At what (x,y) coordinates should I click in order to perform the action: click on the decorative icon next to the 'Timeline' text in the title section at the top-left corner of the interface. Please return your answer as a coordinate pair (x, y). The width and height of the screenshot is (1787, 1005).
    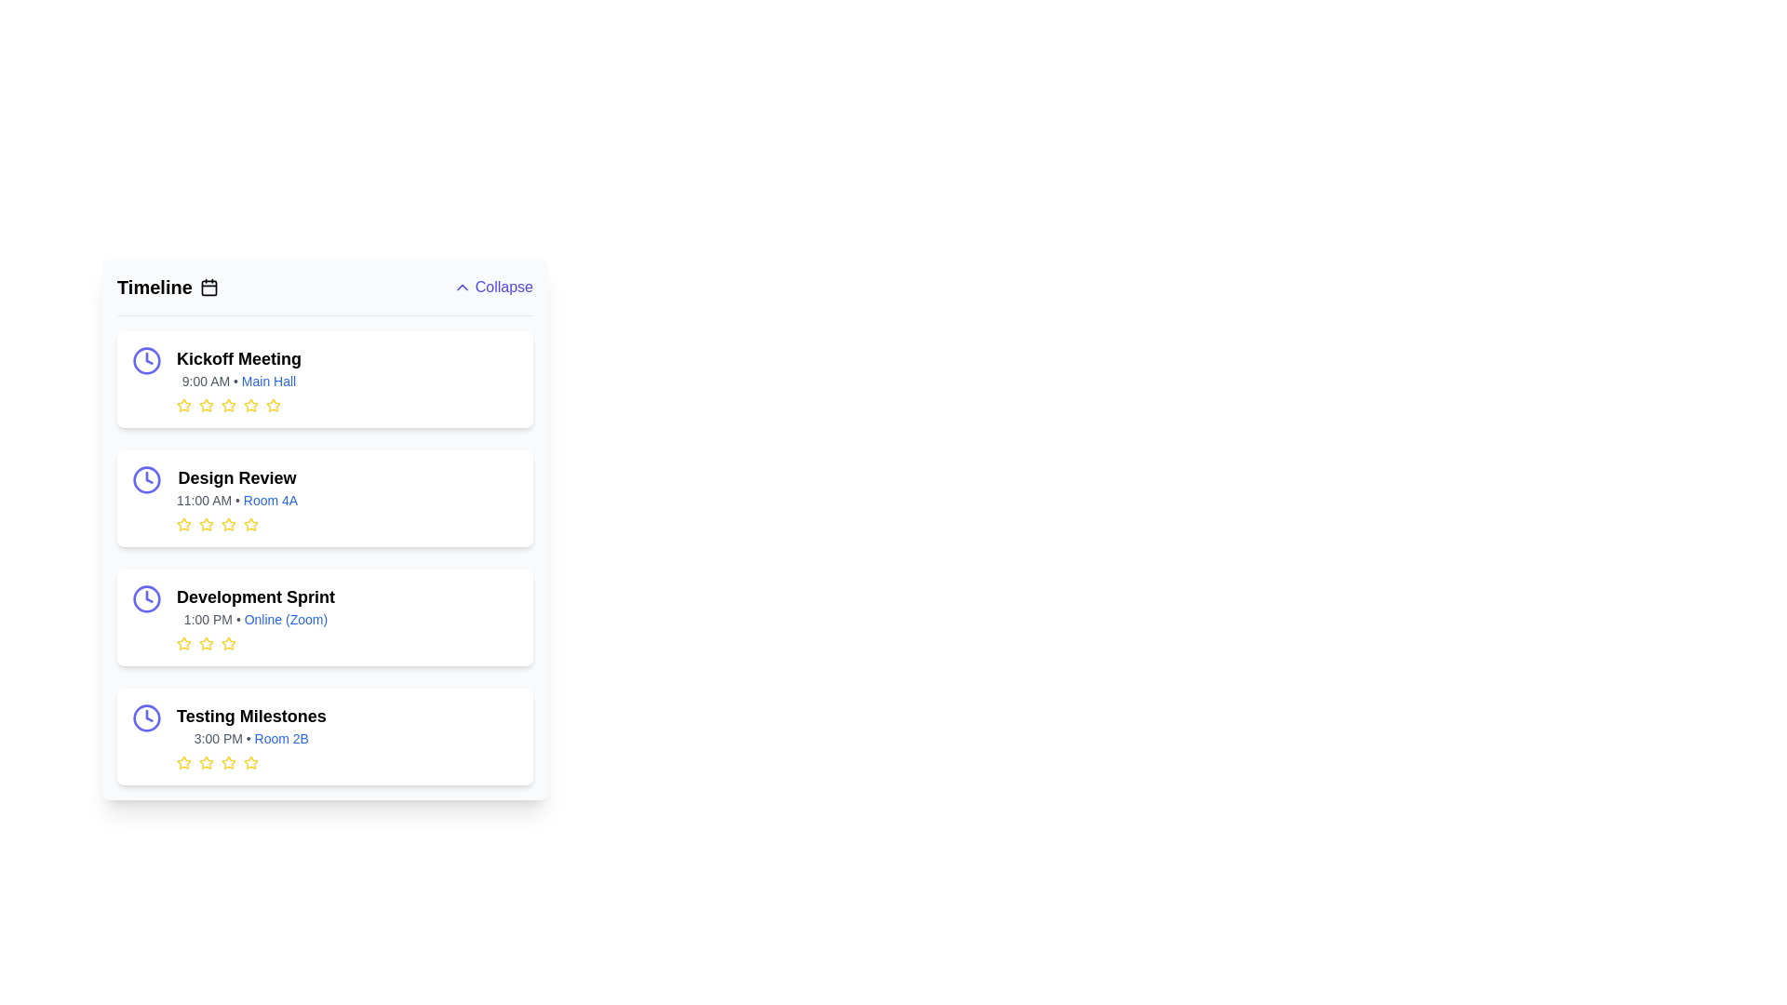
    Looking at the image, I should click on (208, 287).